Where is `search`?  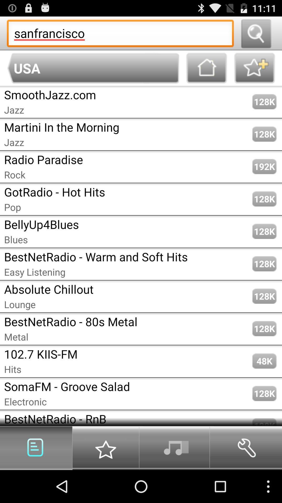 search is located at coordinates (256, 33).